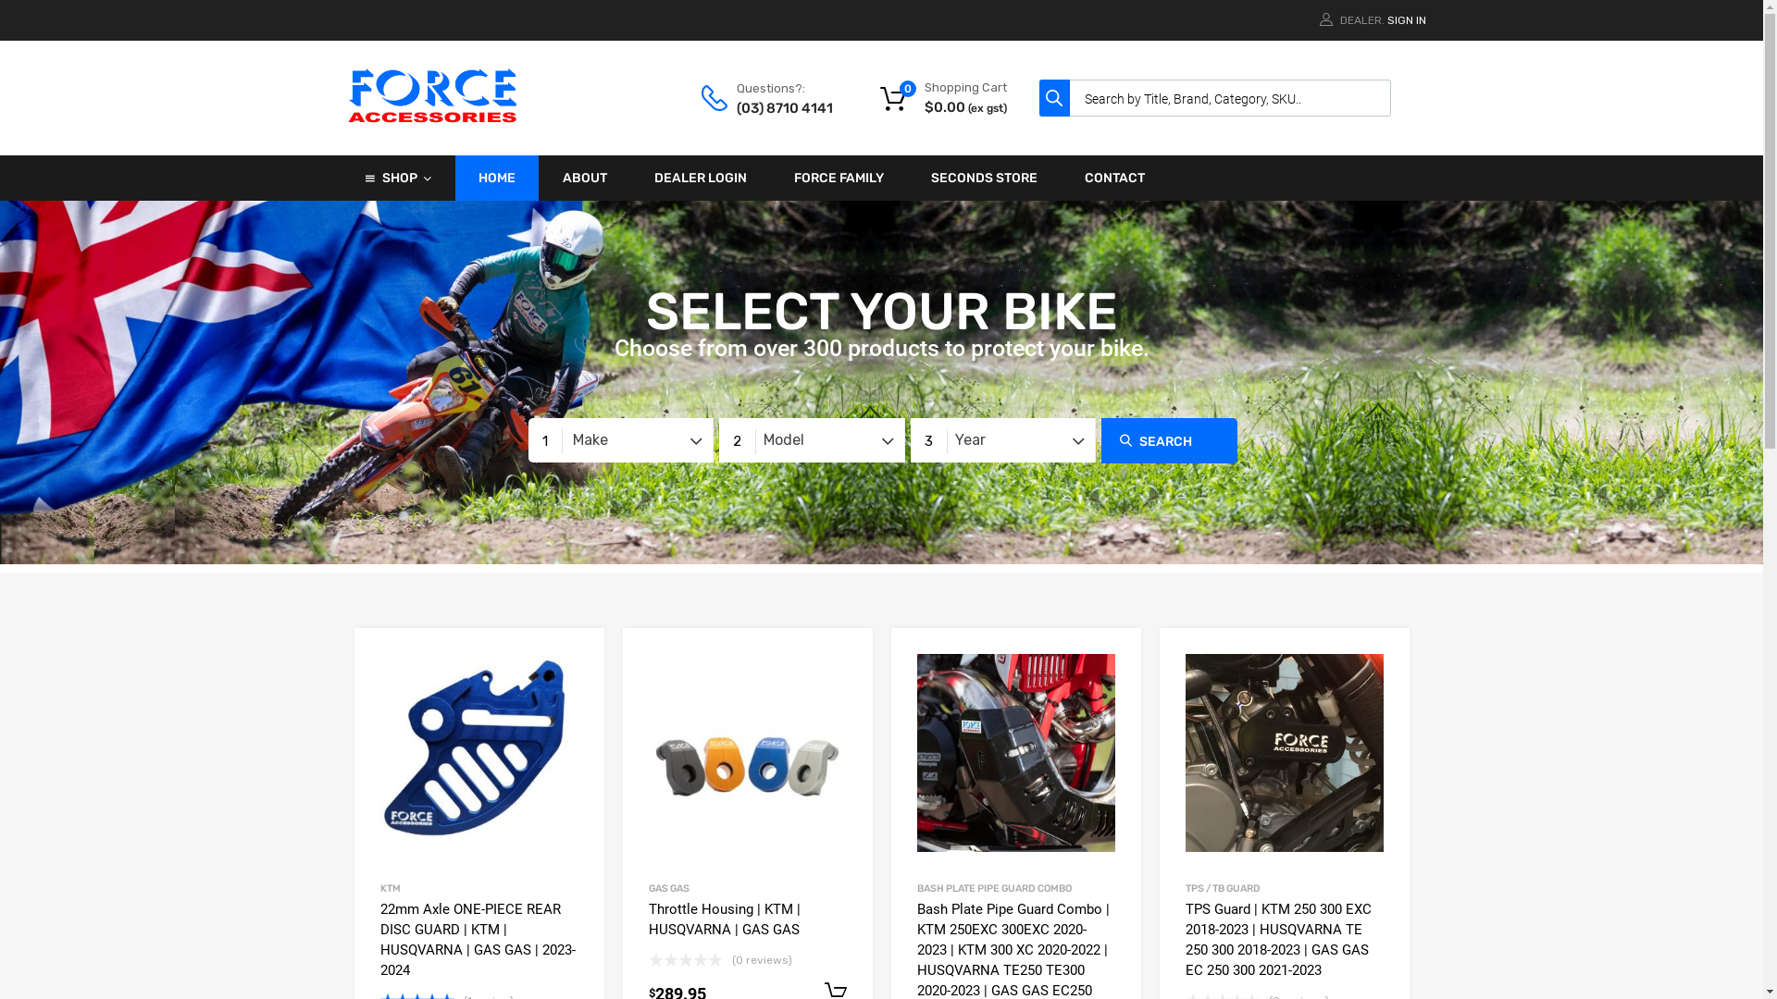  What do you see at coordinates (389, 887) in the screenshot?
I see `'KTM'` at bounding box center [389, 887].